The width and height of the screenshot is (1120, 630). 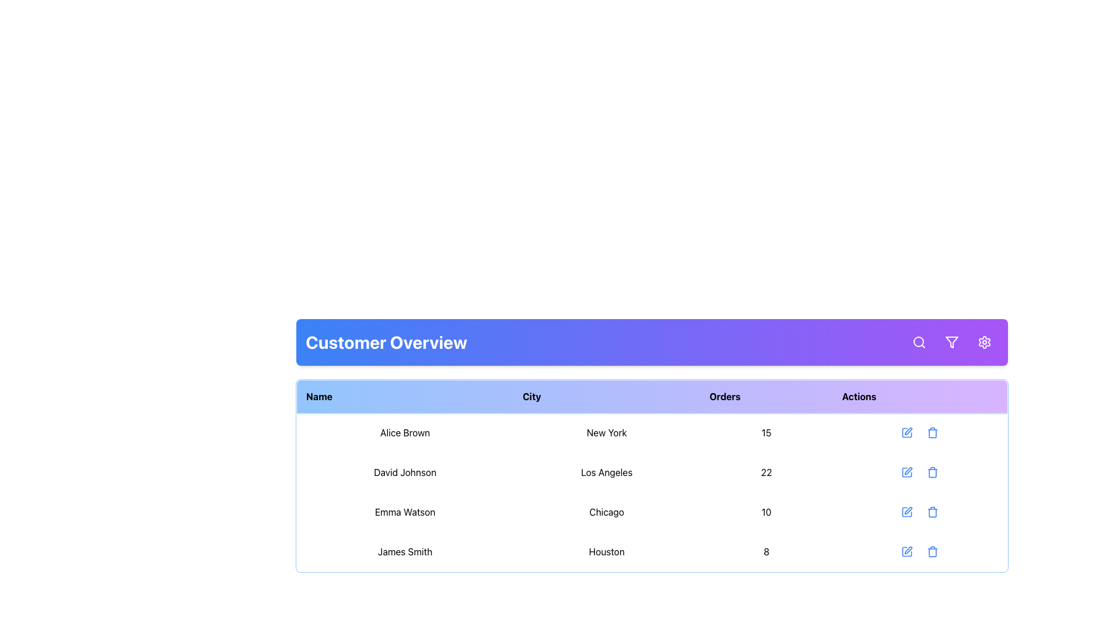 What do you see at coordinates (907, 473) in the screenshot?
I see `the vector graphic icon resembling a square with rounded edges located in the 'Actions' column of the second row in the 'Customer Overview' table` at bounding box center [907, 473].